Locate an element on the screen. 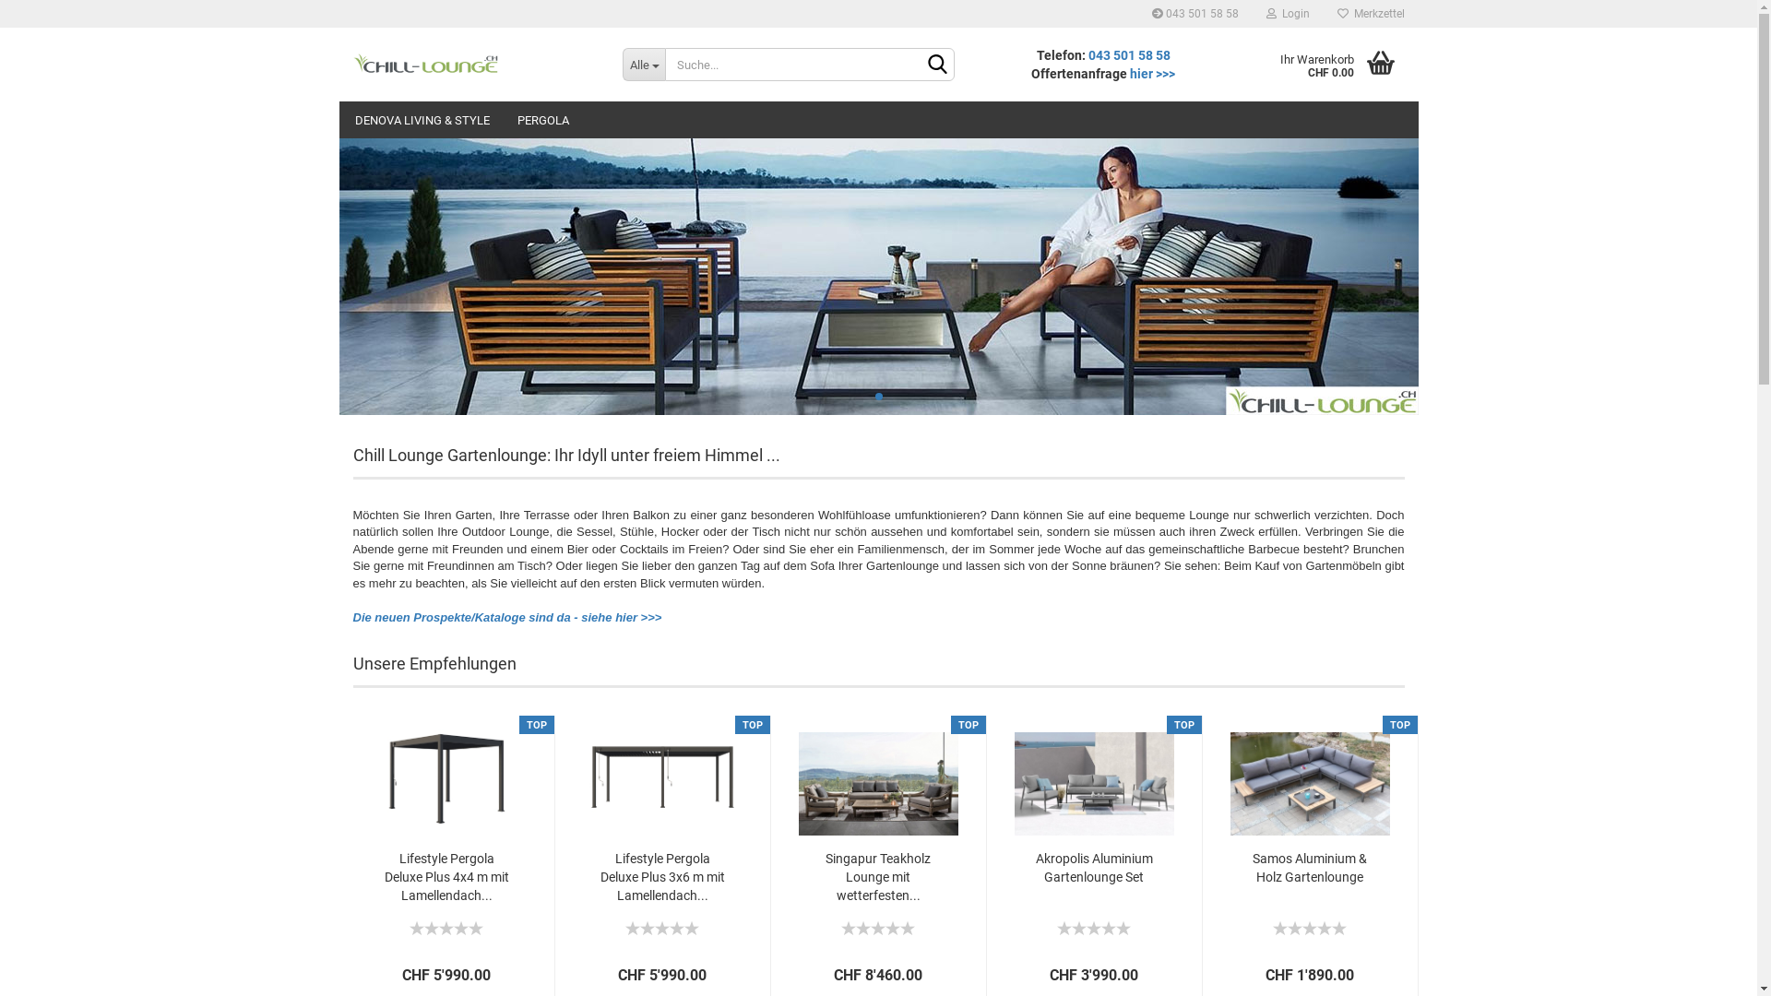 Image resolution: width=1771 pixels, height=996 pixels. ' Login' is located at coordinates (1287, 14).